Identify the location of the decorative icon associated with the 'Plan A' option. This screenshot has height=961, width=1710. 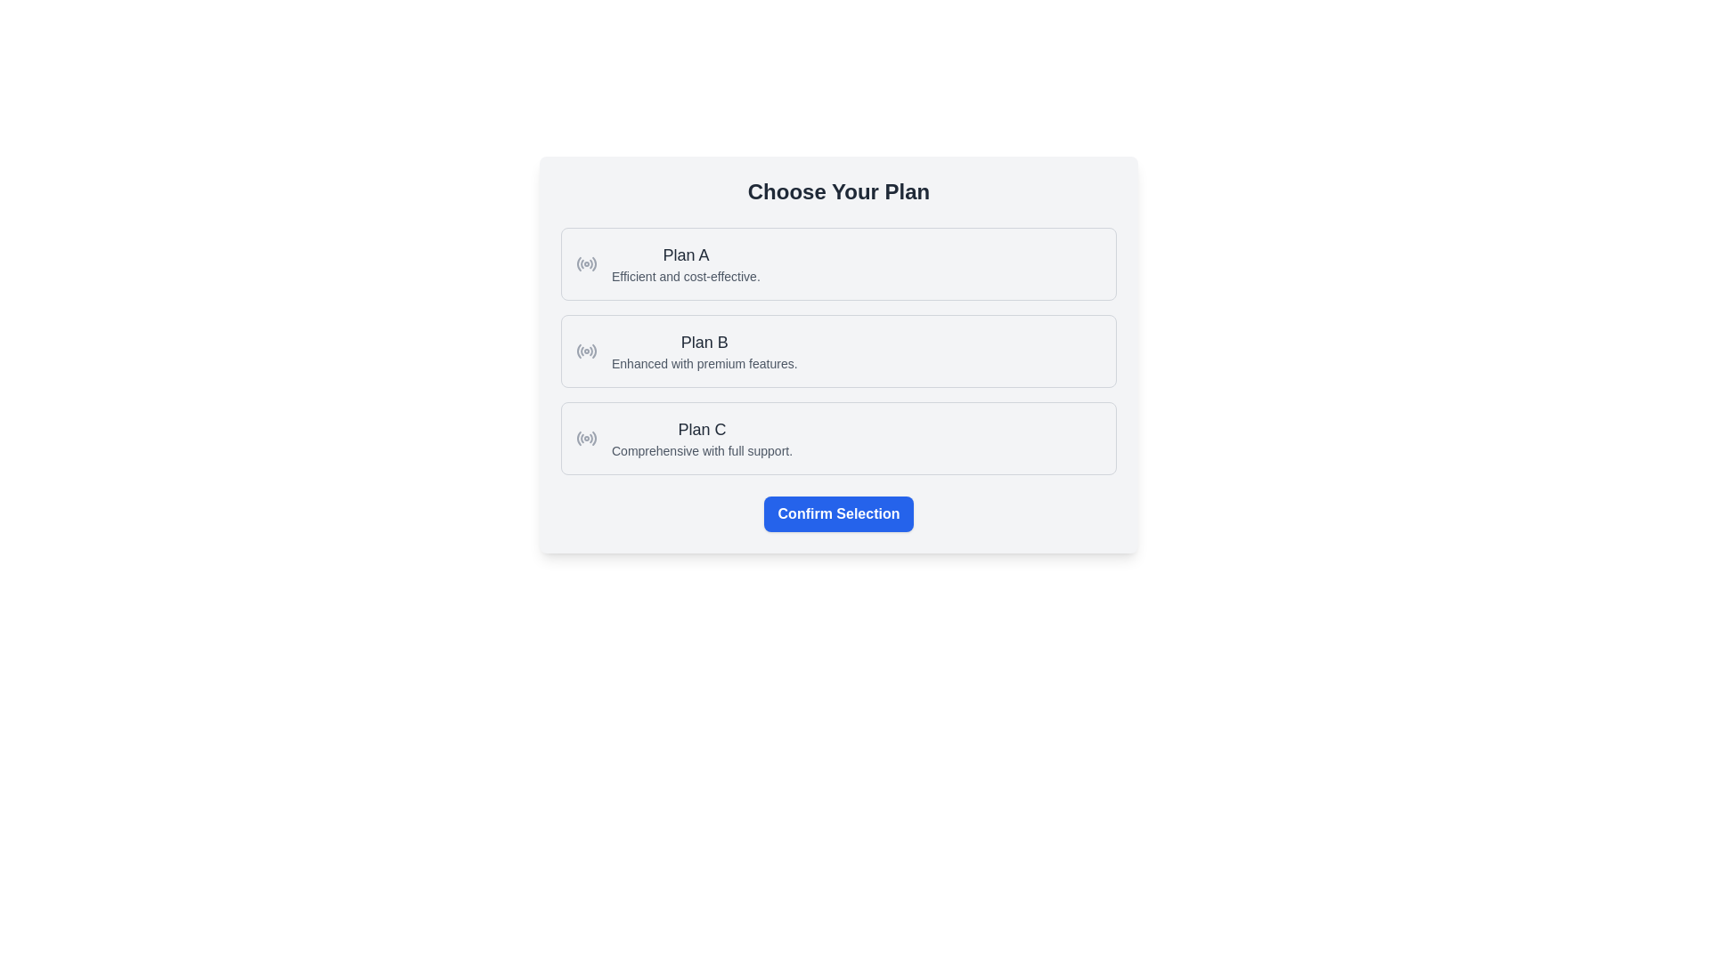
(586, 264).